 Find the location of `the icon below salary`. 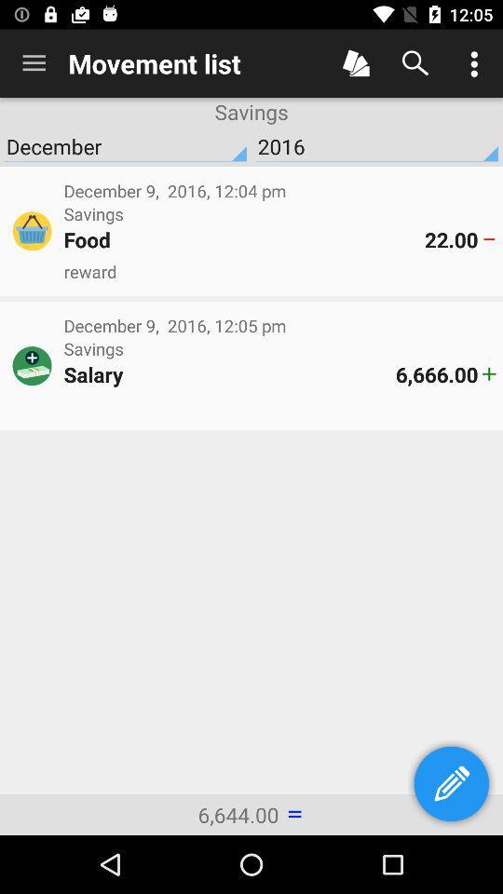

the icon below salary is located at coordinates (279, 406).